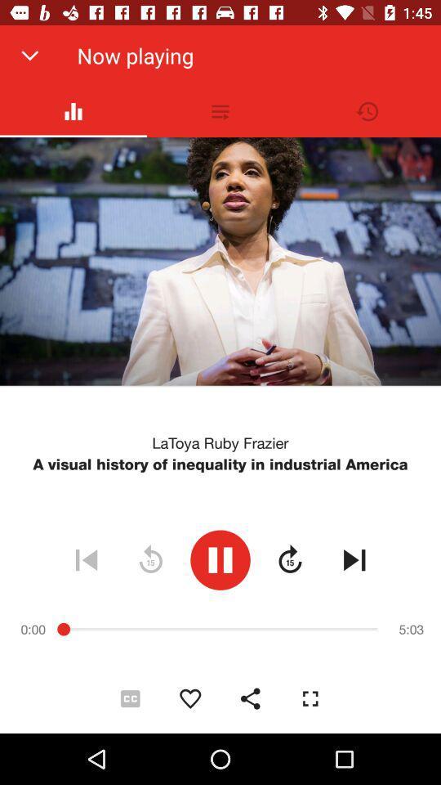  Describe the element at coordinates (86, 559) in the screenshot. I see `the skip_previous icon` at that location.